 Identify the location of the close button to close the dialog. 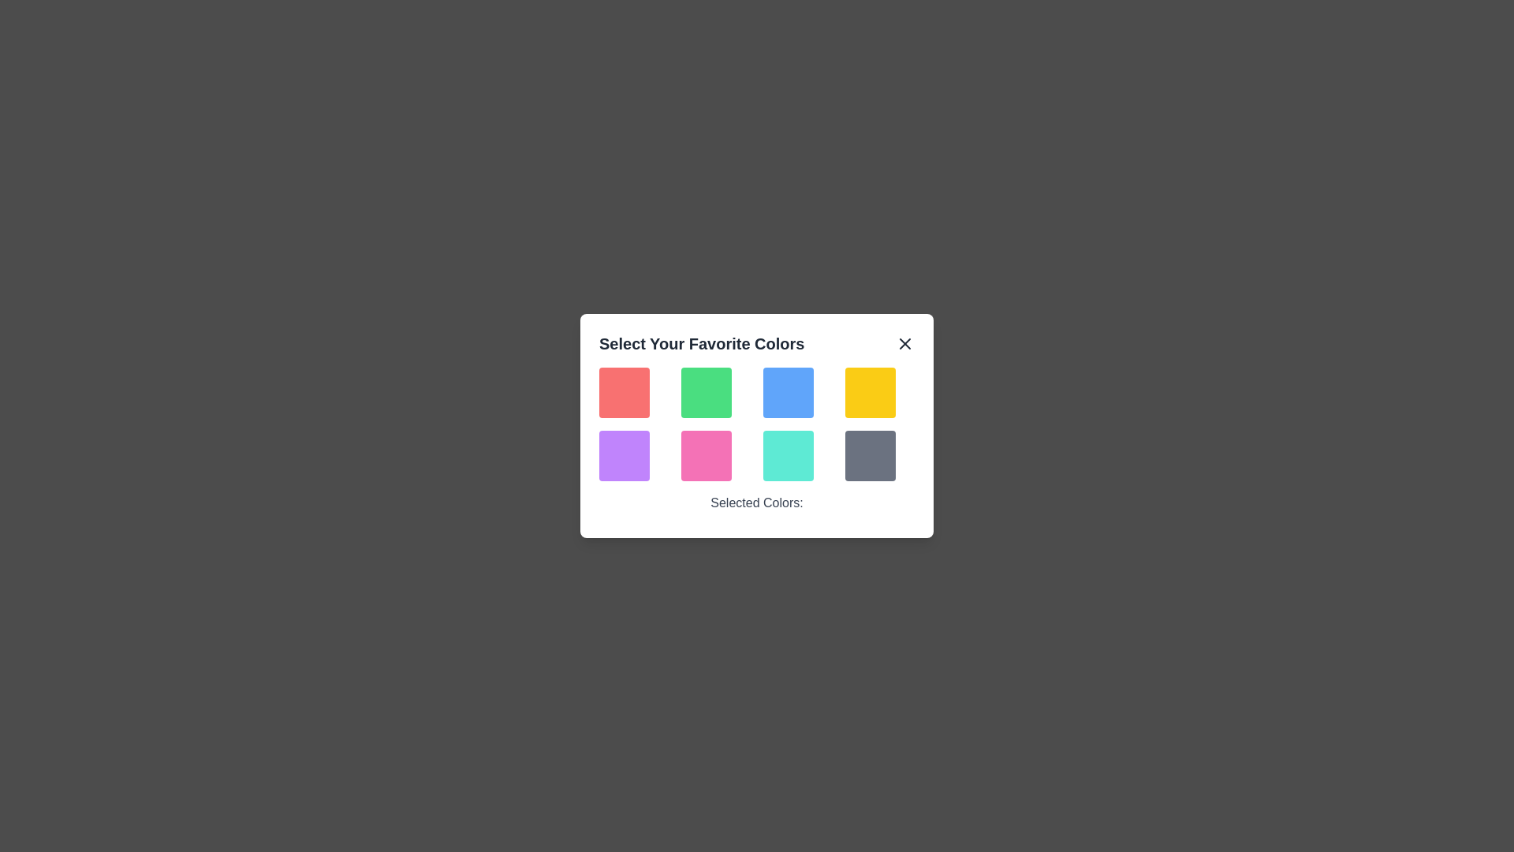
(904, 342).